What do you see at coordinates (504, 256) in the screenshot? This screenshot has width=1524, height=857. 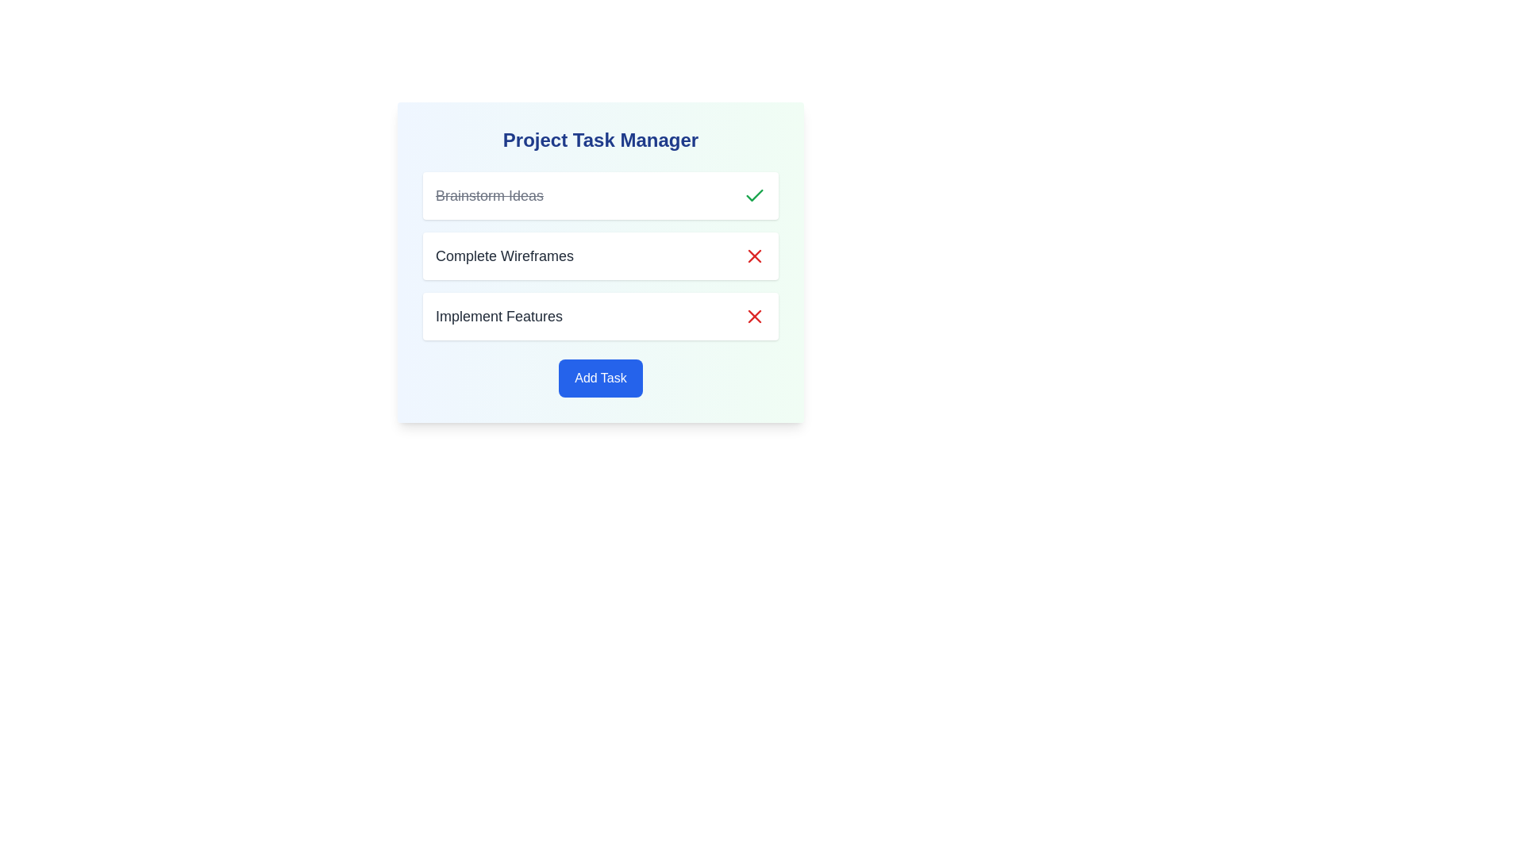 I see `the 'Complete Wireframes' text label, which serves as a descriptor for managing the task in the project task manager interface` at bounding box center [504, 256].